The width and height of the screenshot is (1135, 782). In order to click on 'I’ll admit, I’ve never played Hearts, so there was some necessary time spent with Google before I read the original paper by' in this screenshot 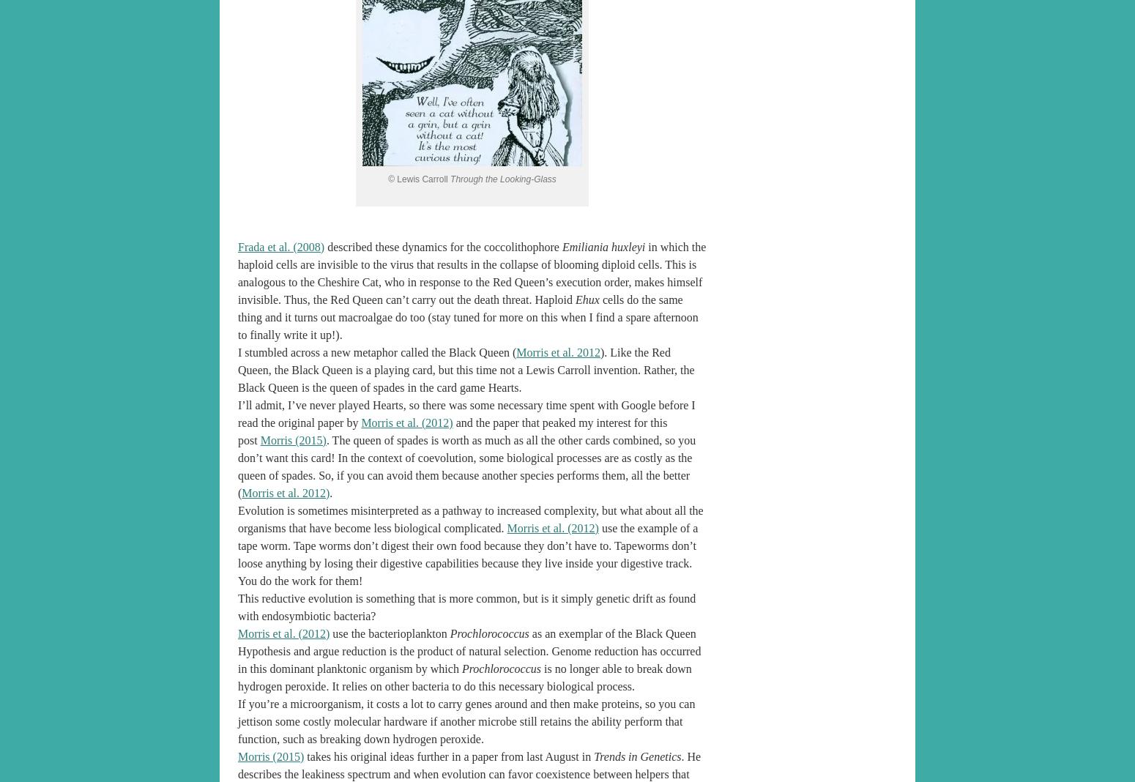, I will do `click(466, 412)`.